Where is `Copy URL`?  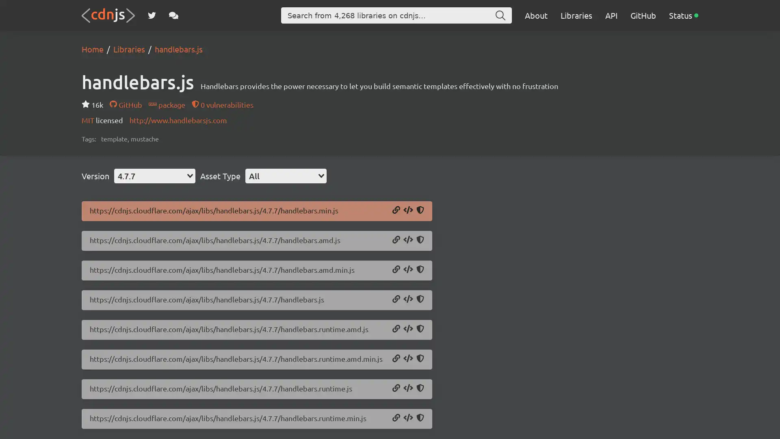
Copy URL is located at coordinates (396, 359).